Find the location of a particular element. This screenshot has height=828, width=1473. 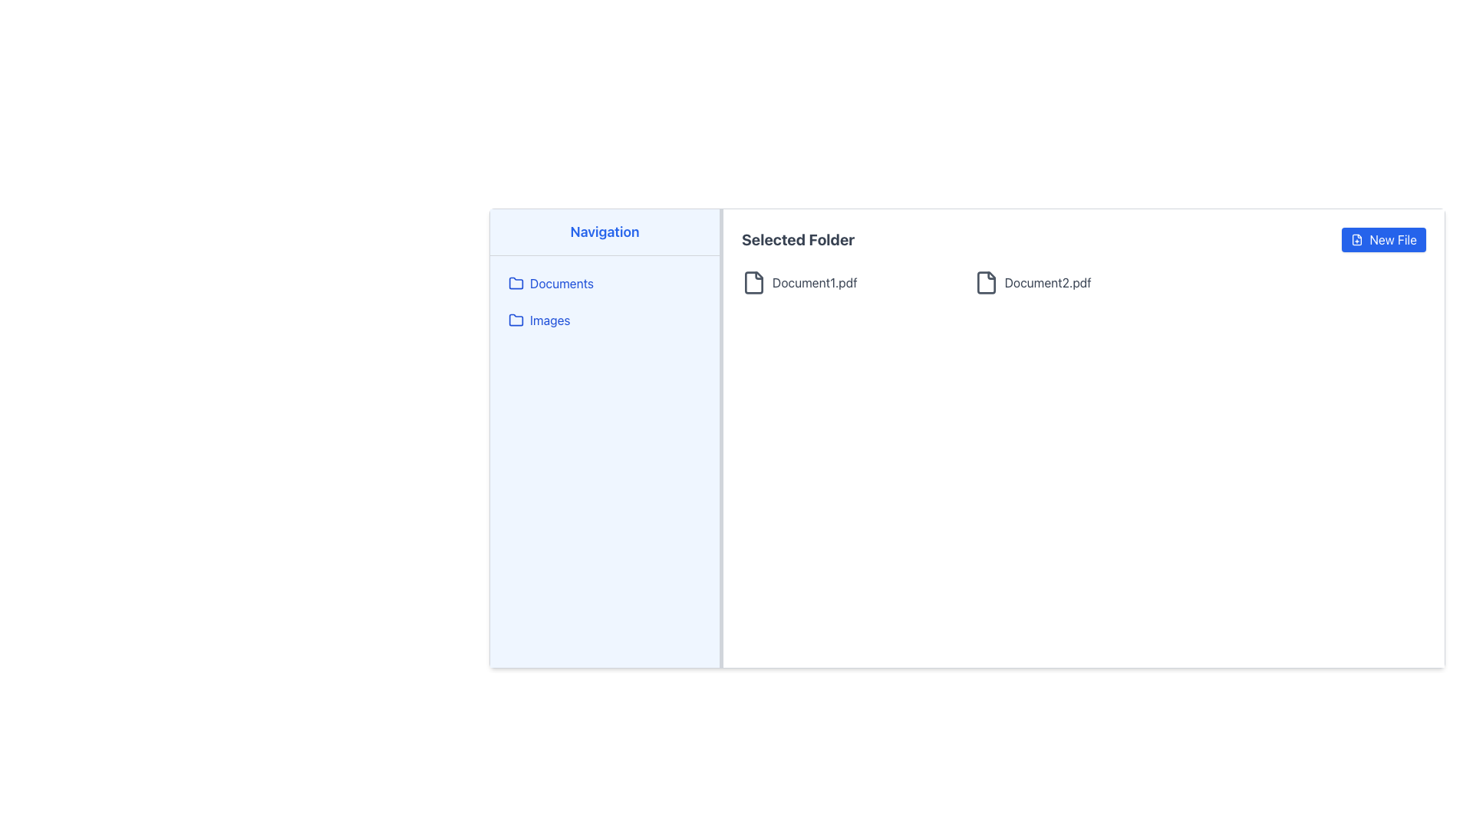

the bold, gray, large text label that reads 'Selected Folder', which is located towards the upper-left side of the main content section is located at coordinates (798, 239).